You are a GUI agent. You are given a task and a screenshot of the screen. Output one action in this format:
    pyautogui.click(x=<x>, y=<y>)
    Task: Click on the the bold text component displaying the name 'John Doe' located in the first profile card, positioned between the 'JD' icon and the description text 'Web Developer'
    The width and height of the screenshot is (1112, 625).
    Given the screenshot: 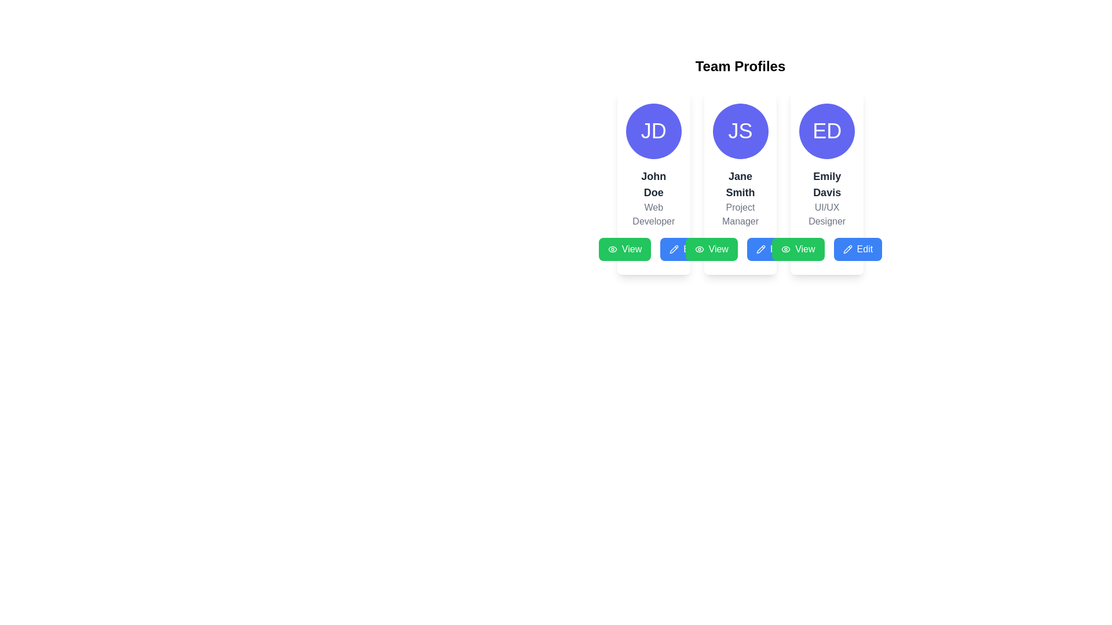 What is the action you would take?
    pyautogui.click(x=653, y=184)
    